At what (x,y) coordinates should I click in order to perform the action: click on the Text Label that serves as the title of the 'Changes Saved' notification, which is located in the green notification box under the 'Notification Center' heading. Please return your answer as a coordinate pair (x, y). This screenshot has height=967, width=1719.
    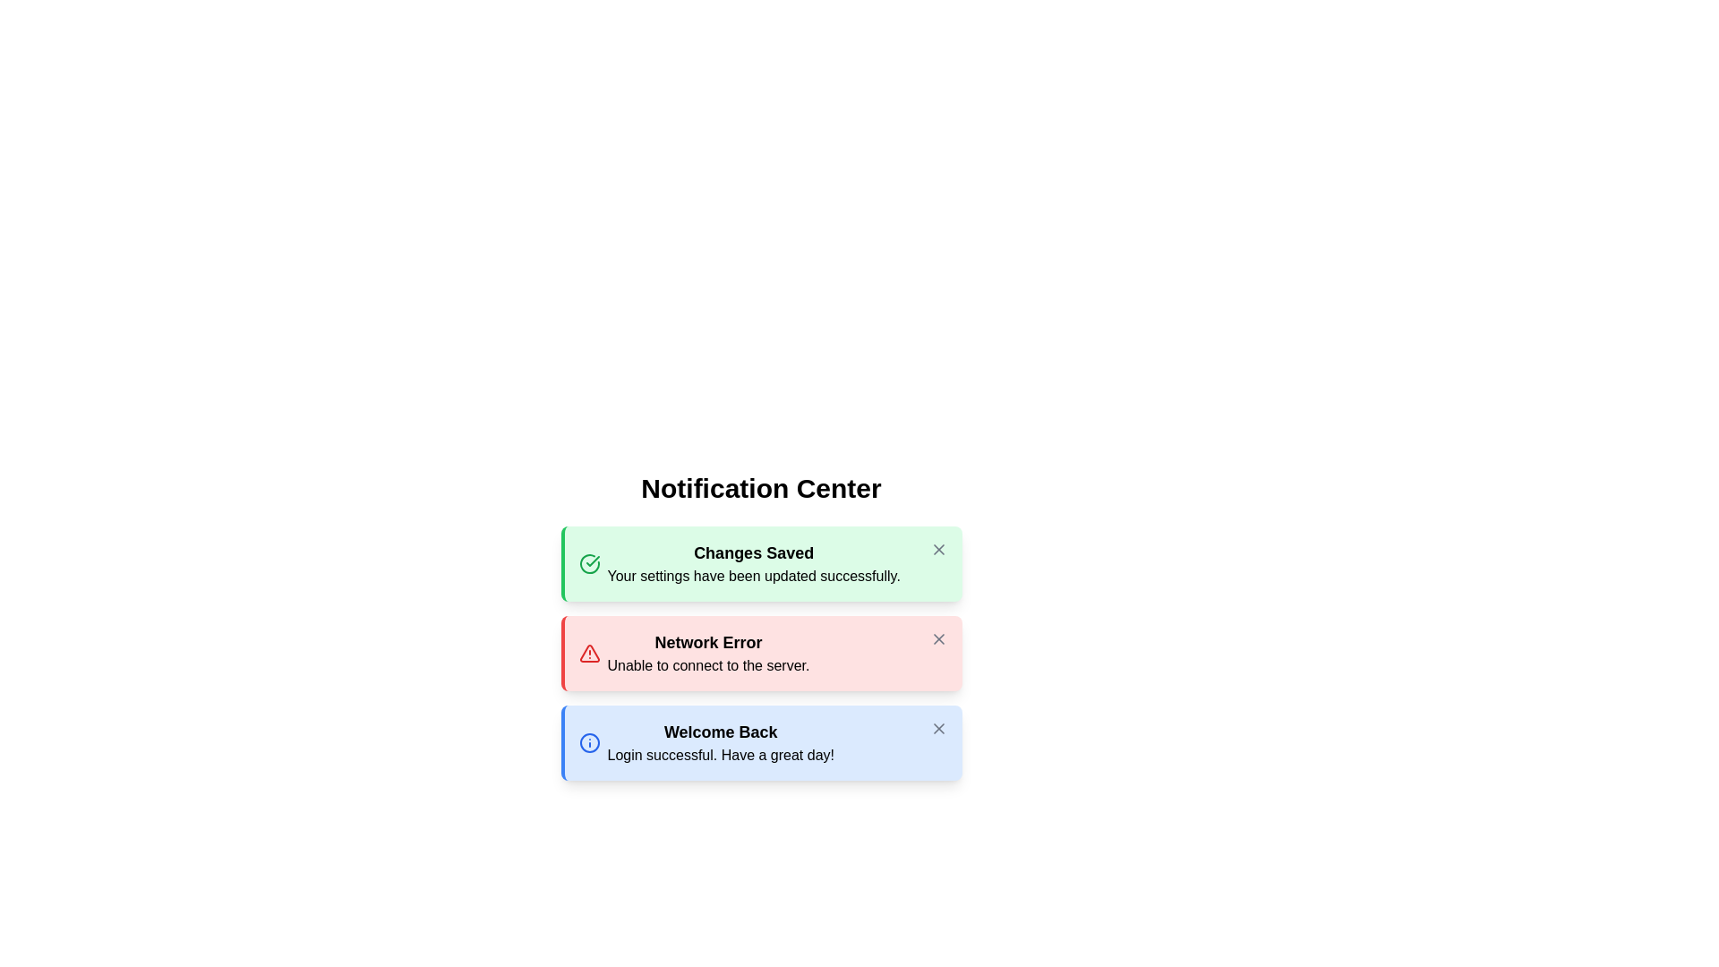
    Looking at the image, I should click on (754, 552).